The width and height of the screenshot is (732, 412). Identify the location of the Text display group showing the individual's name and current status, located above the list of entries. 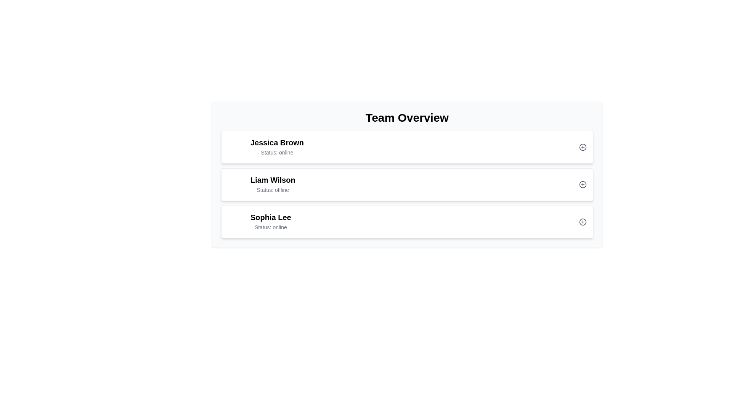
(277, 147).